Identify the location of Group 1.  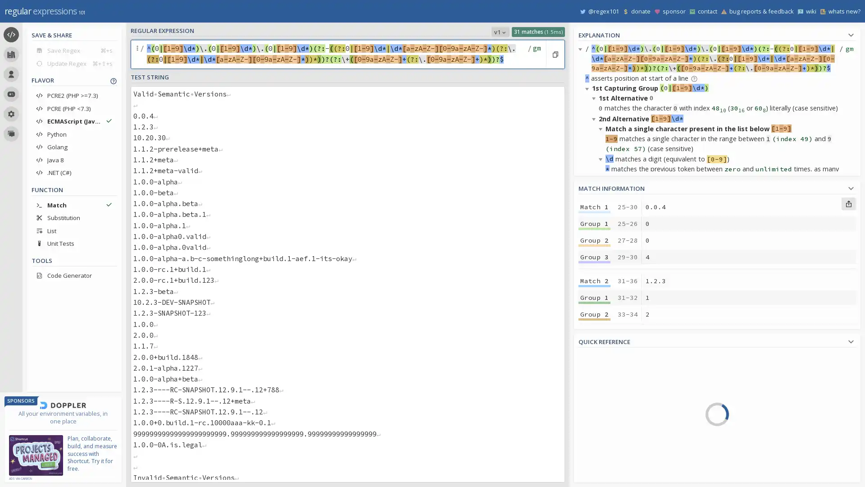
(594, 297).